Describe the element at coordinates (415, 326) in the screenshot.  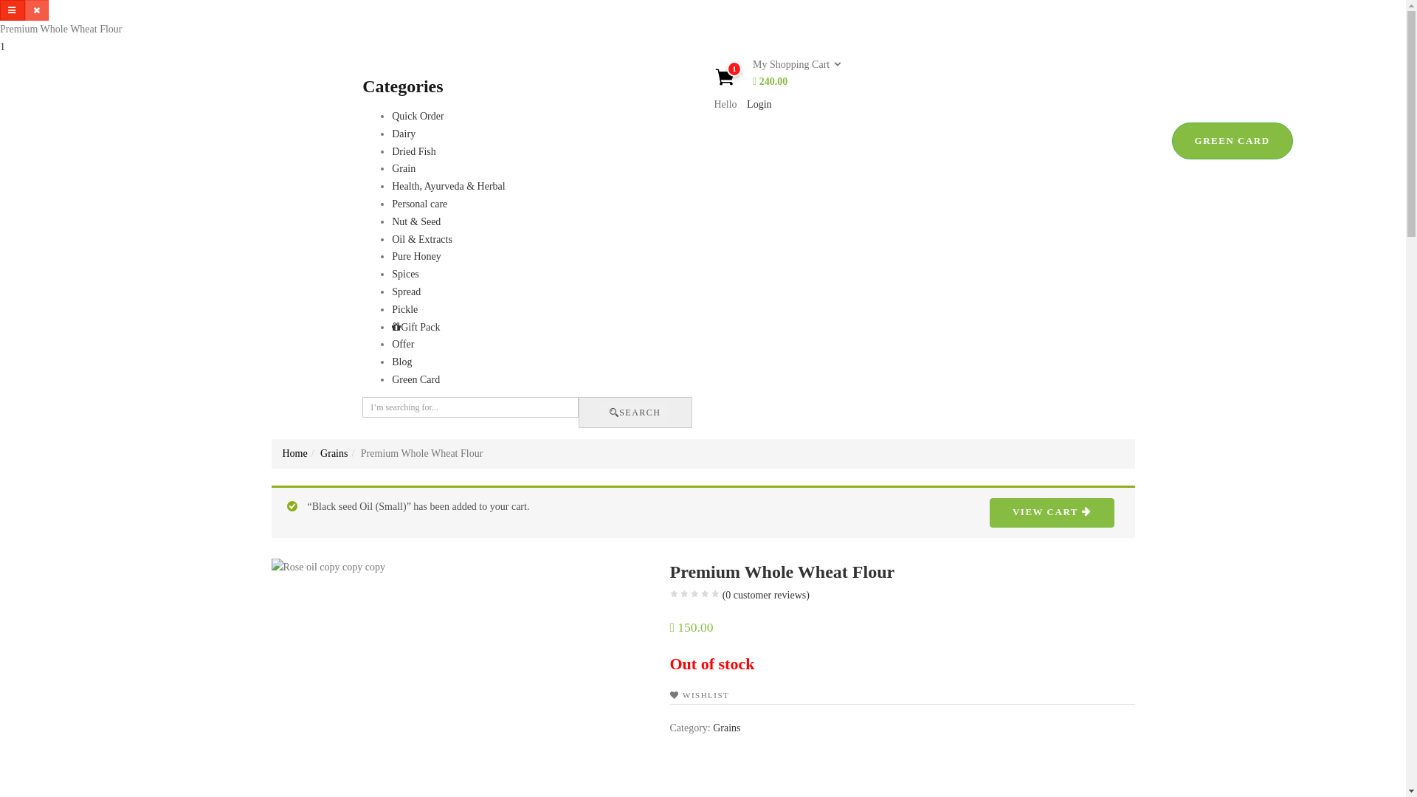
I see `'Gift Pack'` at that location.